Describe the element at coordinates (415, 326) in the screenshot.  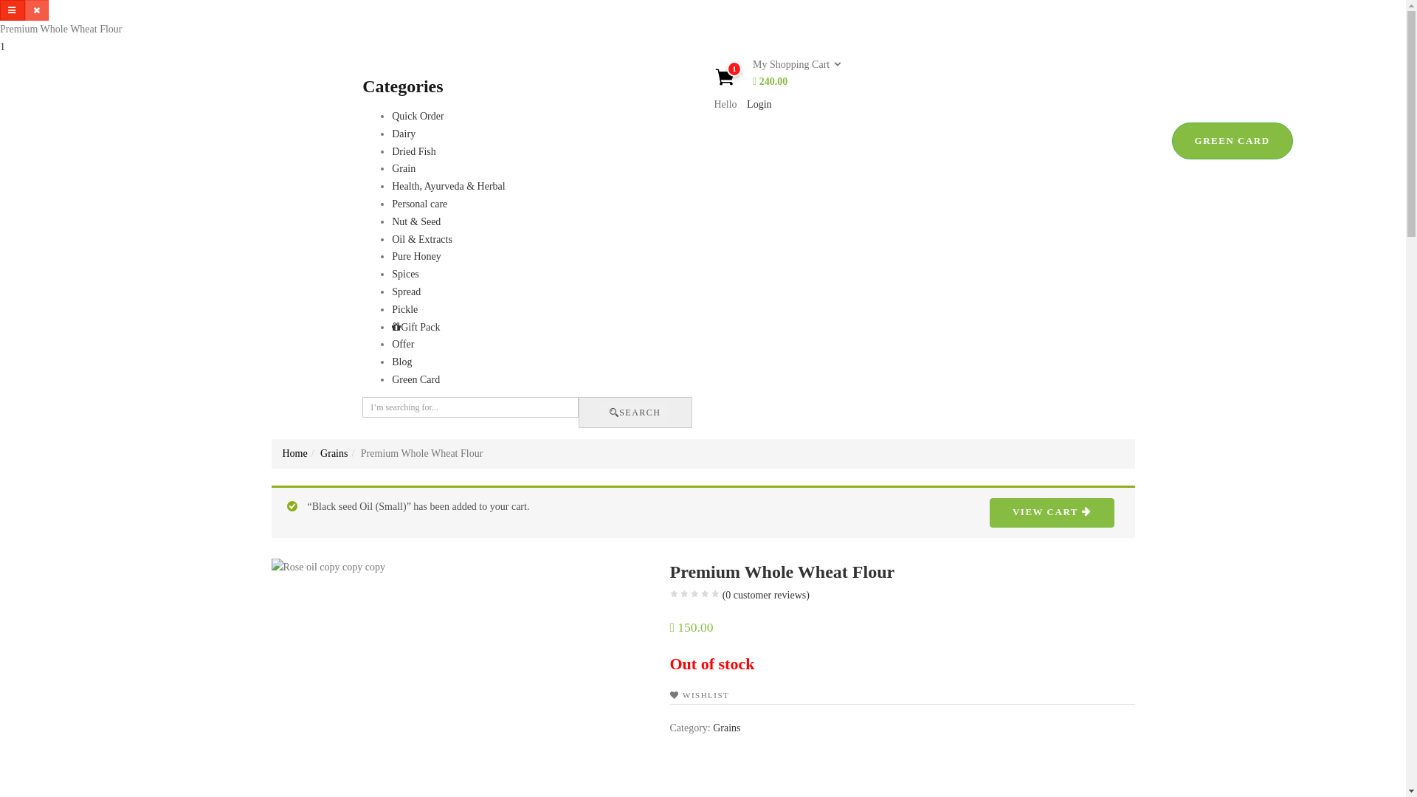
I see `'Gift Pack'` at that location.